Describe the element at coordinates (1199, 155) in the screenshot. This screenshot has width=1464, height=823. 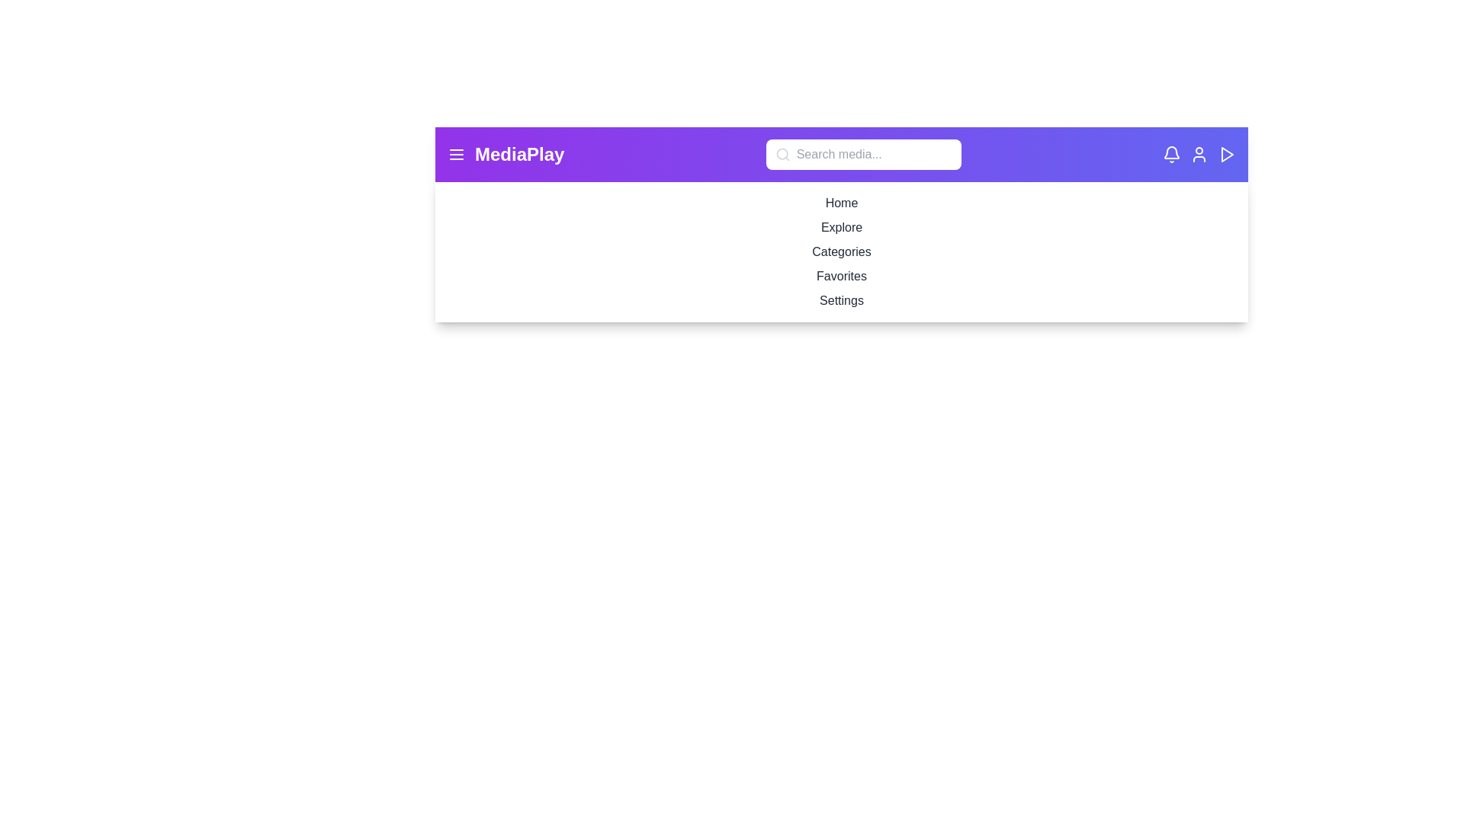
I see `the user icon button, which is a silhouette of a person located on the right side of the header bar, second-to-last in a sequence of icons` at that location.